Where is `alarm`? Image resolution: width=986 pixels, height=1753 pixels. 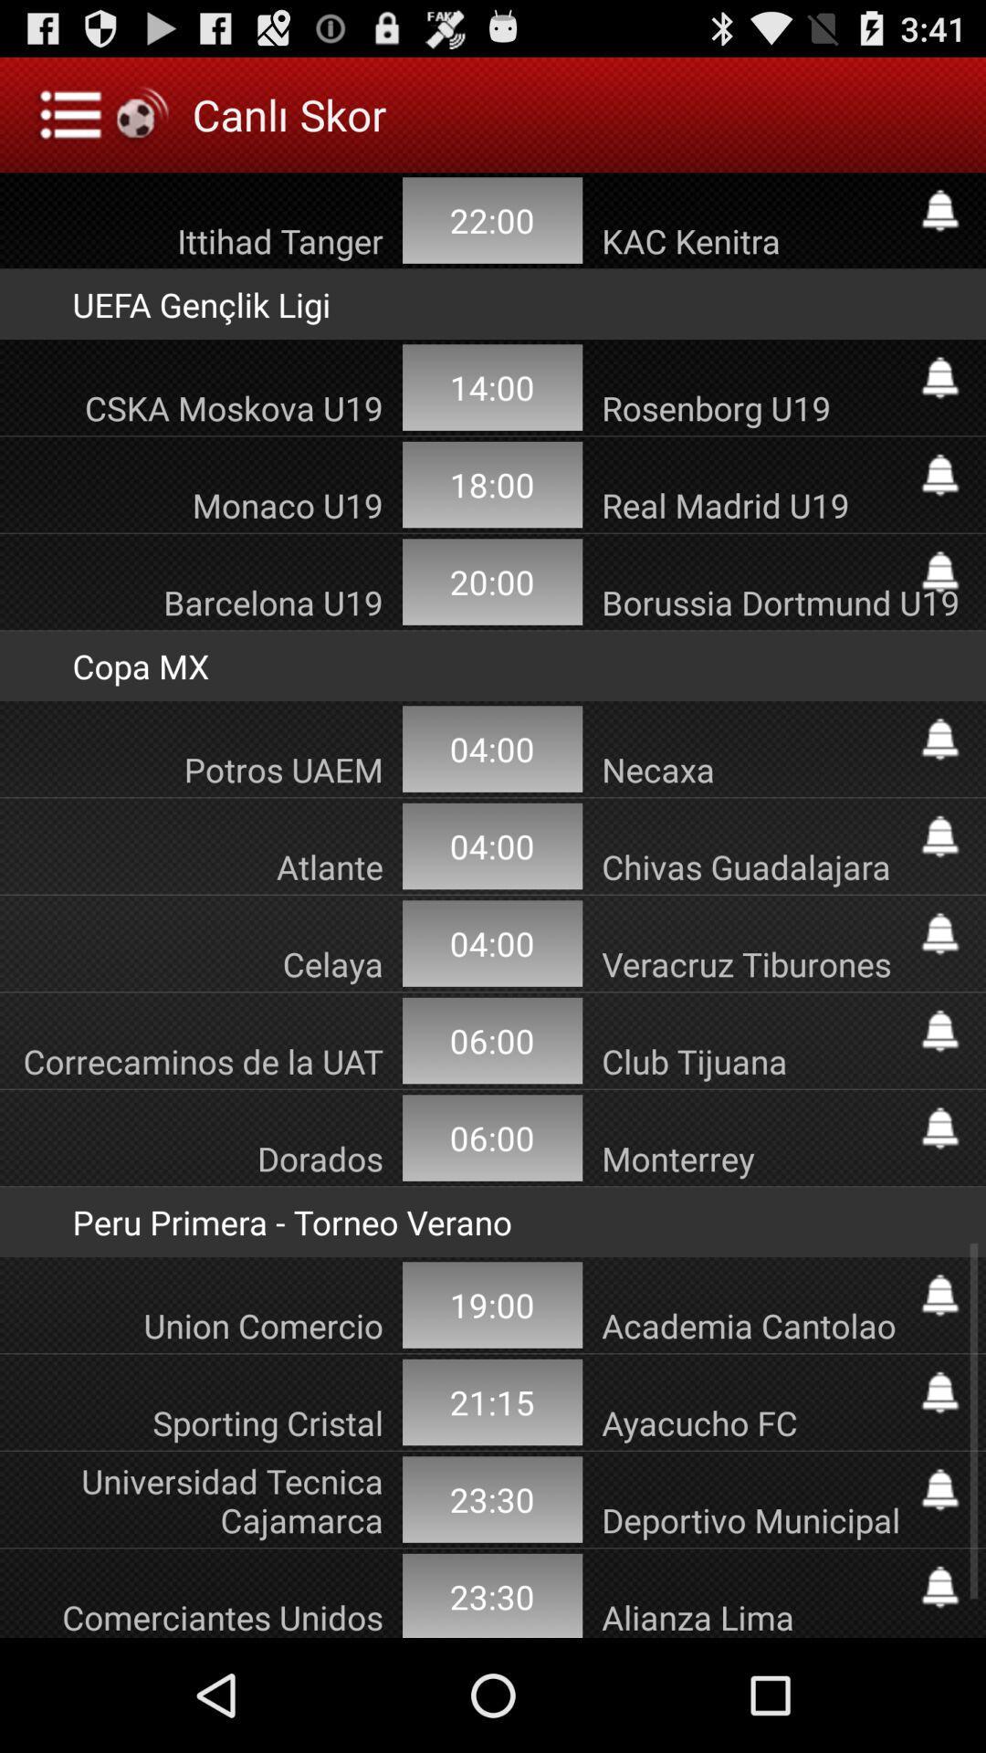
alarm is located at coordinates (939, 1128).